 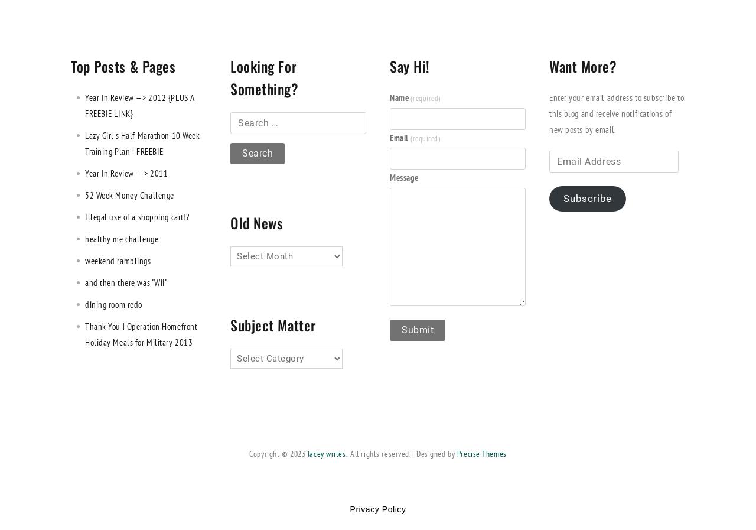 What do you see at coordinates (139, 104) in the screenshot?
I see `'Year In Review —> 2012 {PLUS A FREEBIE LINK}'` at bounding box center [139, 104].